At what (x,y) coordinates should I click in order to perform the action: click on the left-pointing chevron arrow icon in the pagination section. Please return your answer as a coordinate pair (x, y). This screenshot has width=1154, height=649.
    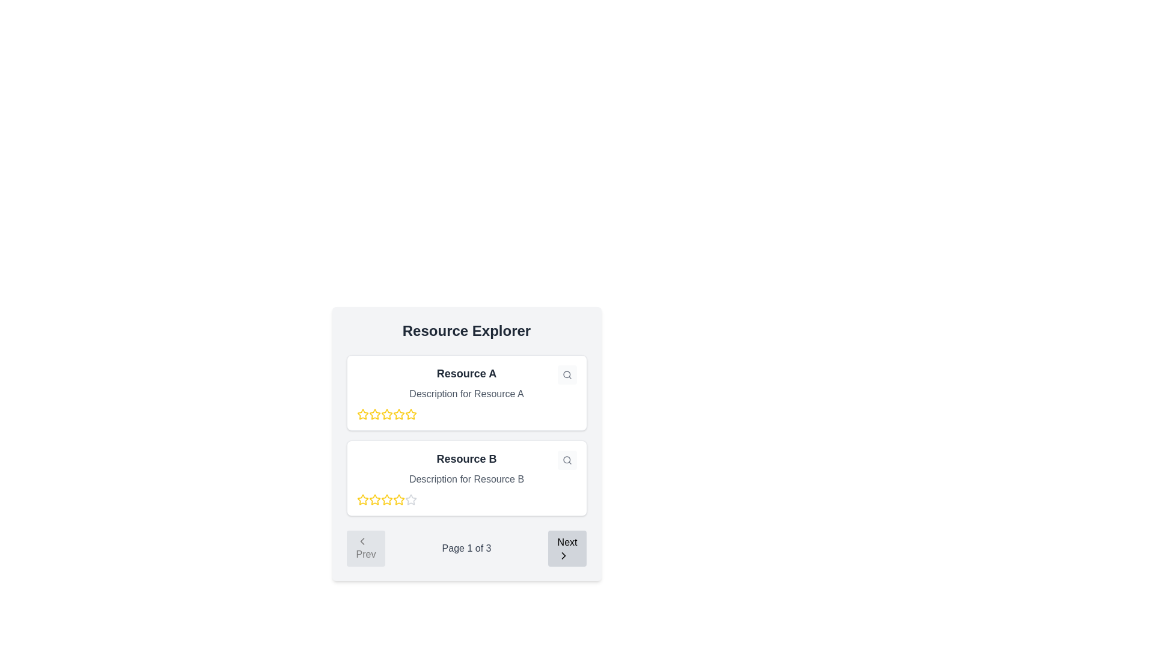
    Looking at the image, I should click on (361, 541).